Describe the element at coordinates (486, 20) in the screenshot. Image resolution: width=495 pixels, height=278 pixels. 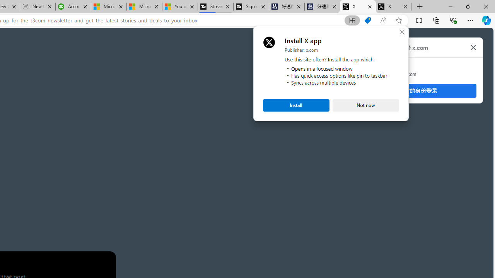
I see `'Copilot (Ctrl+Shift+.)'` at that location.